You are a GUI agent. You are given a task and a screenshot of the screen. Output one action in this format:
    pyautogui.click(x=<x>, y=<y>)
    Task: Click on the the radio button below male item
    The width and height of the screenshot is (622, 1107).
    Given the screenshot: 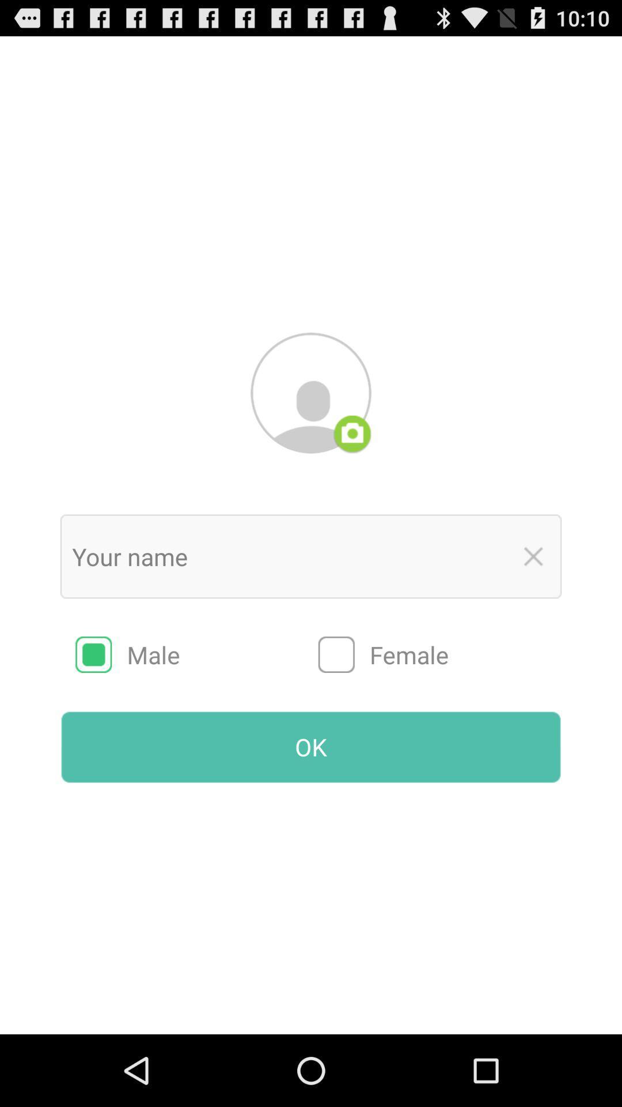 What is the action you would take?
    pyautogui.click(x=311, y=747)
    